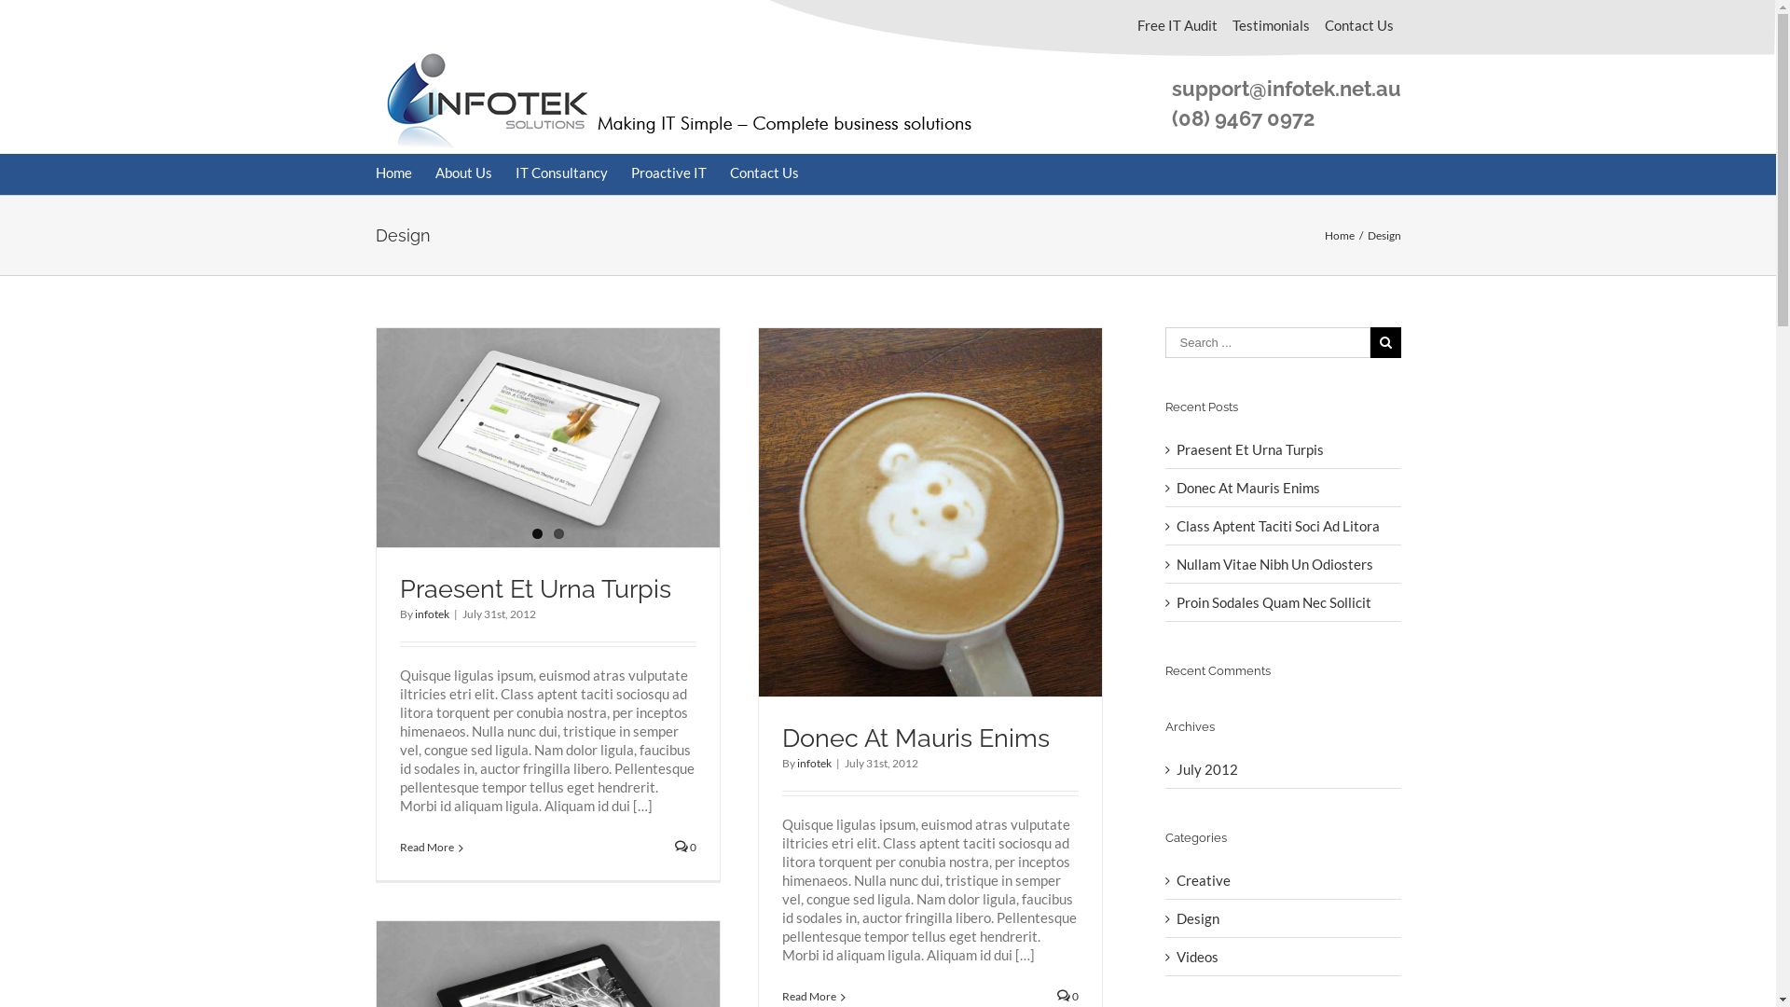  I want to click on 'infotek', so click(413, 614).